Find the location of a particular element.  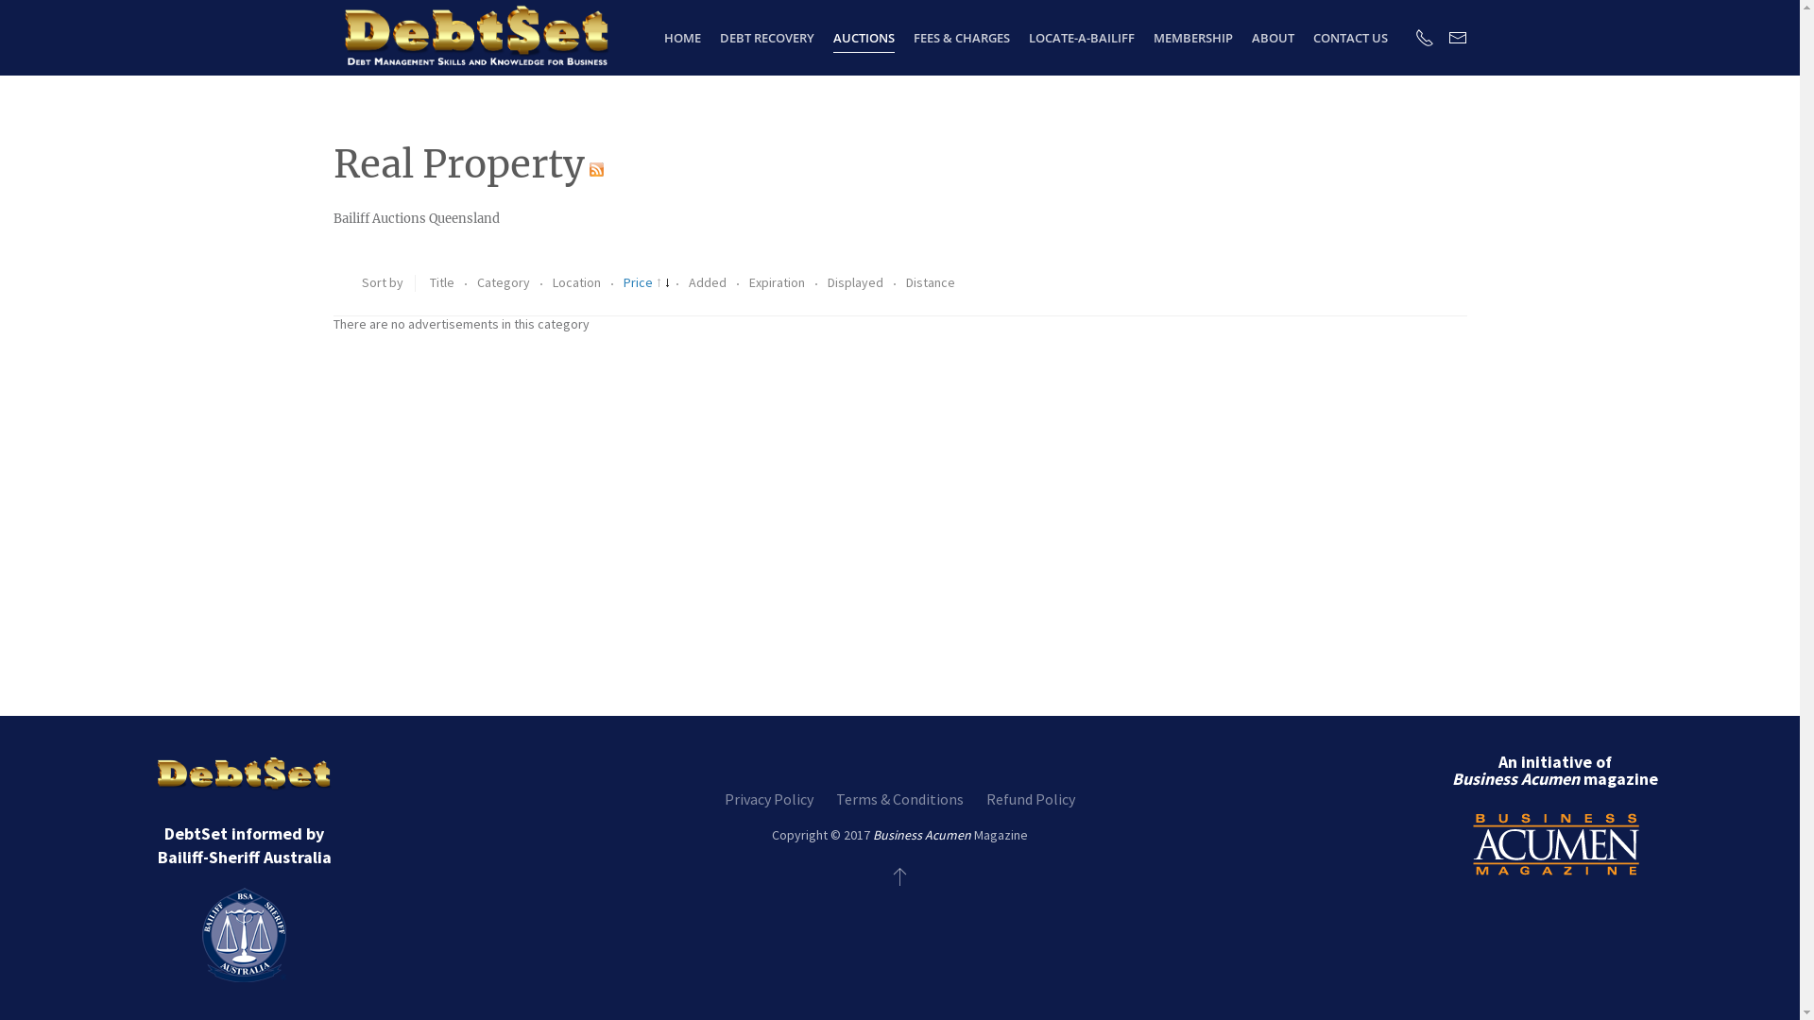

'Expiration' is located at coordinates (777, 282).